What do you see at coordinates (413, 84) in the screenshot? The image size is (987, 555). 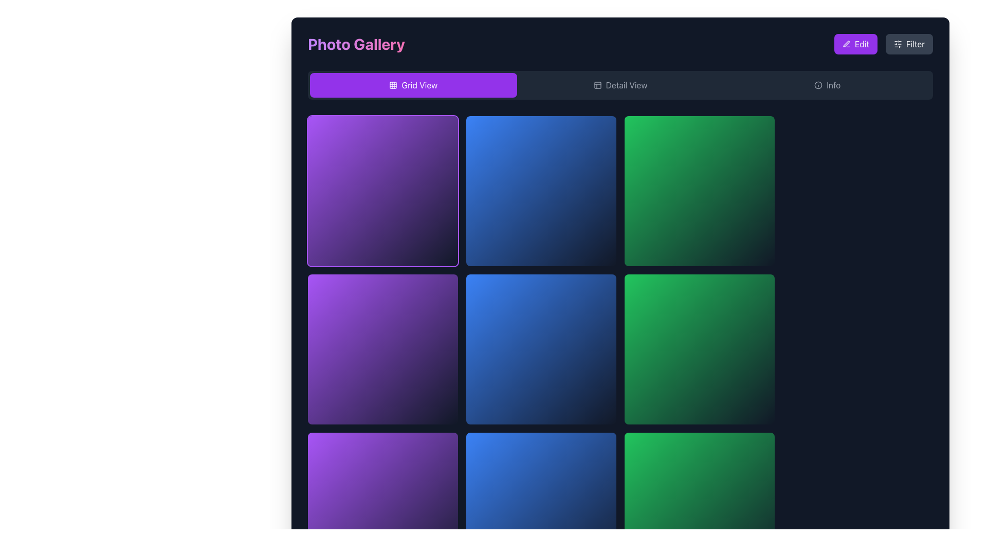 I see `the first button in the horizontal button group at the top of the photo gallery interface` at bounding box center [413, 84].